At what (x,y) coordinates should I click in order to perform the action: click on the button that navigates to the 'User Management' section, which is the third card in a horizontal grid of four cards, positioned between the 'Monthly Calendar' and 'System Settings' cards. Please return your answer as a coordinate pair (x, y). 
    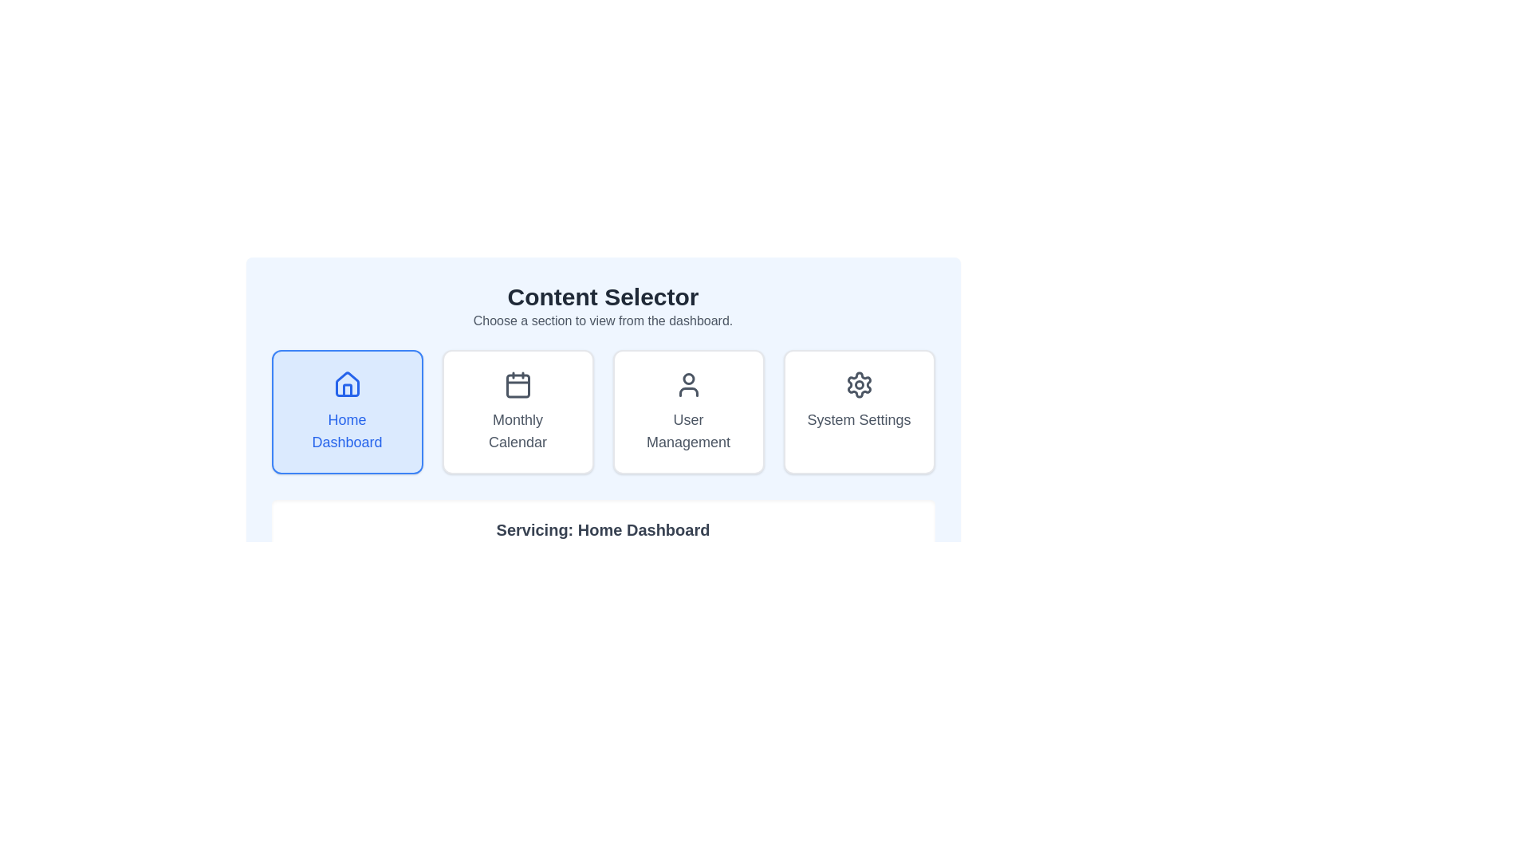
    Looking at the image, I should click on (688, 411).